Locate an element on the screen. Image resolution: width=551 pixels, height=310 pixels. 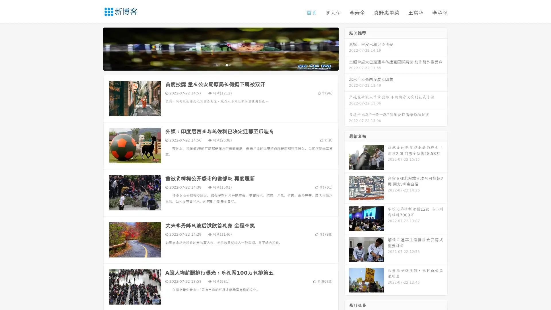
Go to slide 1 is located at coordinates (215, 65).